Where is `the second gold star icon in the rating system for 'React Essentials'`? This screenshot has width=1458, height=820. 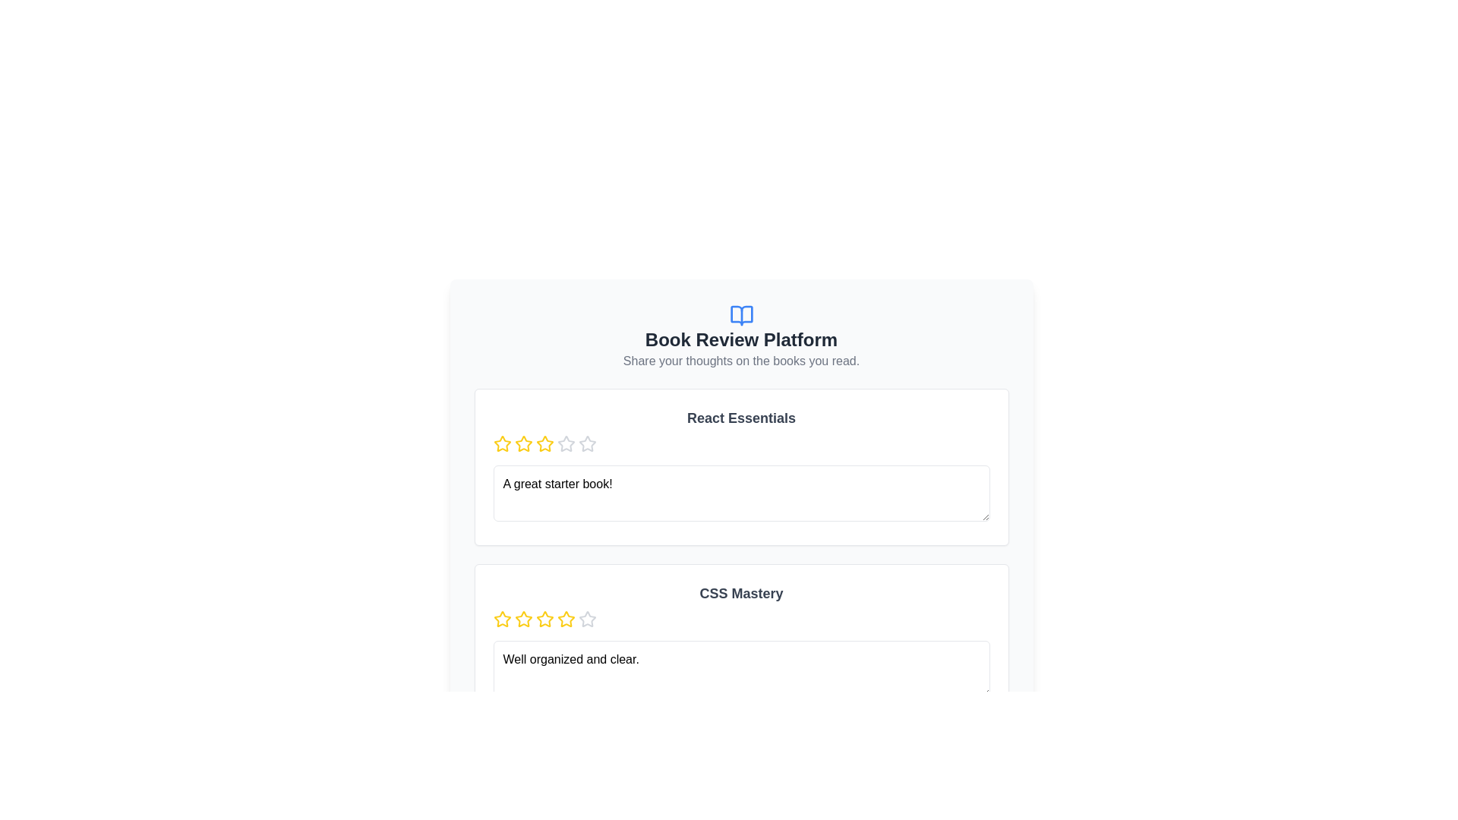
the second gold star icon in the rating system for 'React Essentials' is located at coordinates (544, 443).